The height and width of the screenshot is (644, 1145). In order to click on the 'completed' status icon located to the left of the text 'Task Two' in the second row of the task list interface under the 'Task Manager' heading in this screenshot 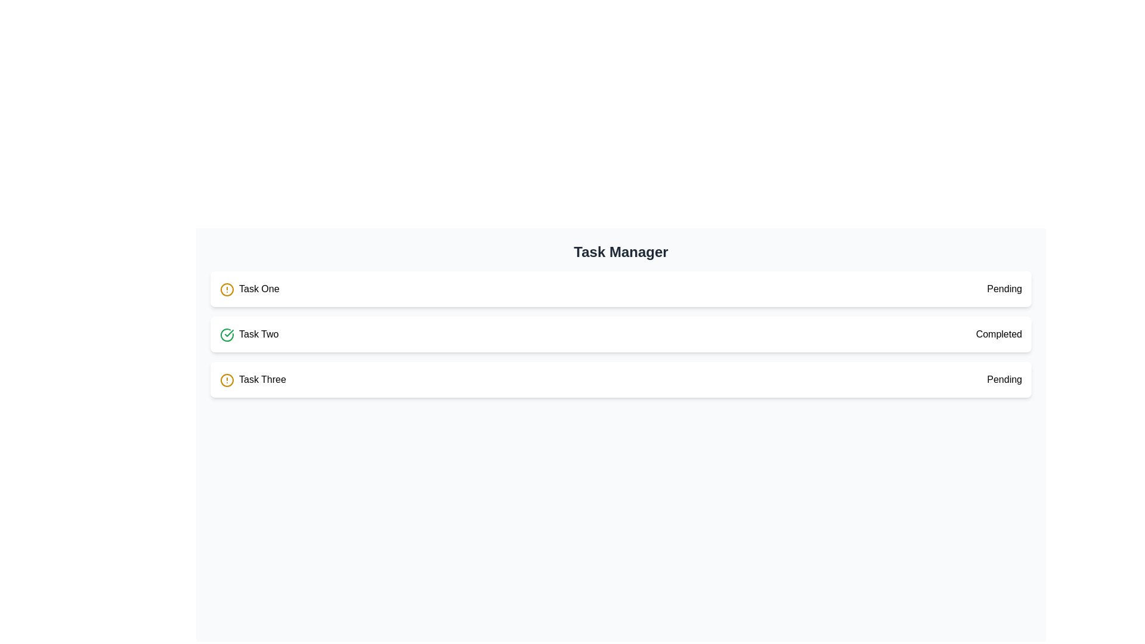, I will do `click(227, 335)`.